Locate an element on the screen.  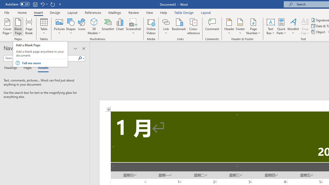
'Undo Apply Quick Style' is located at coordinates (44, 4).